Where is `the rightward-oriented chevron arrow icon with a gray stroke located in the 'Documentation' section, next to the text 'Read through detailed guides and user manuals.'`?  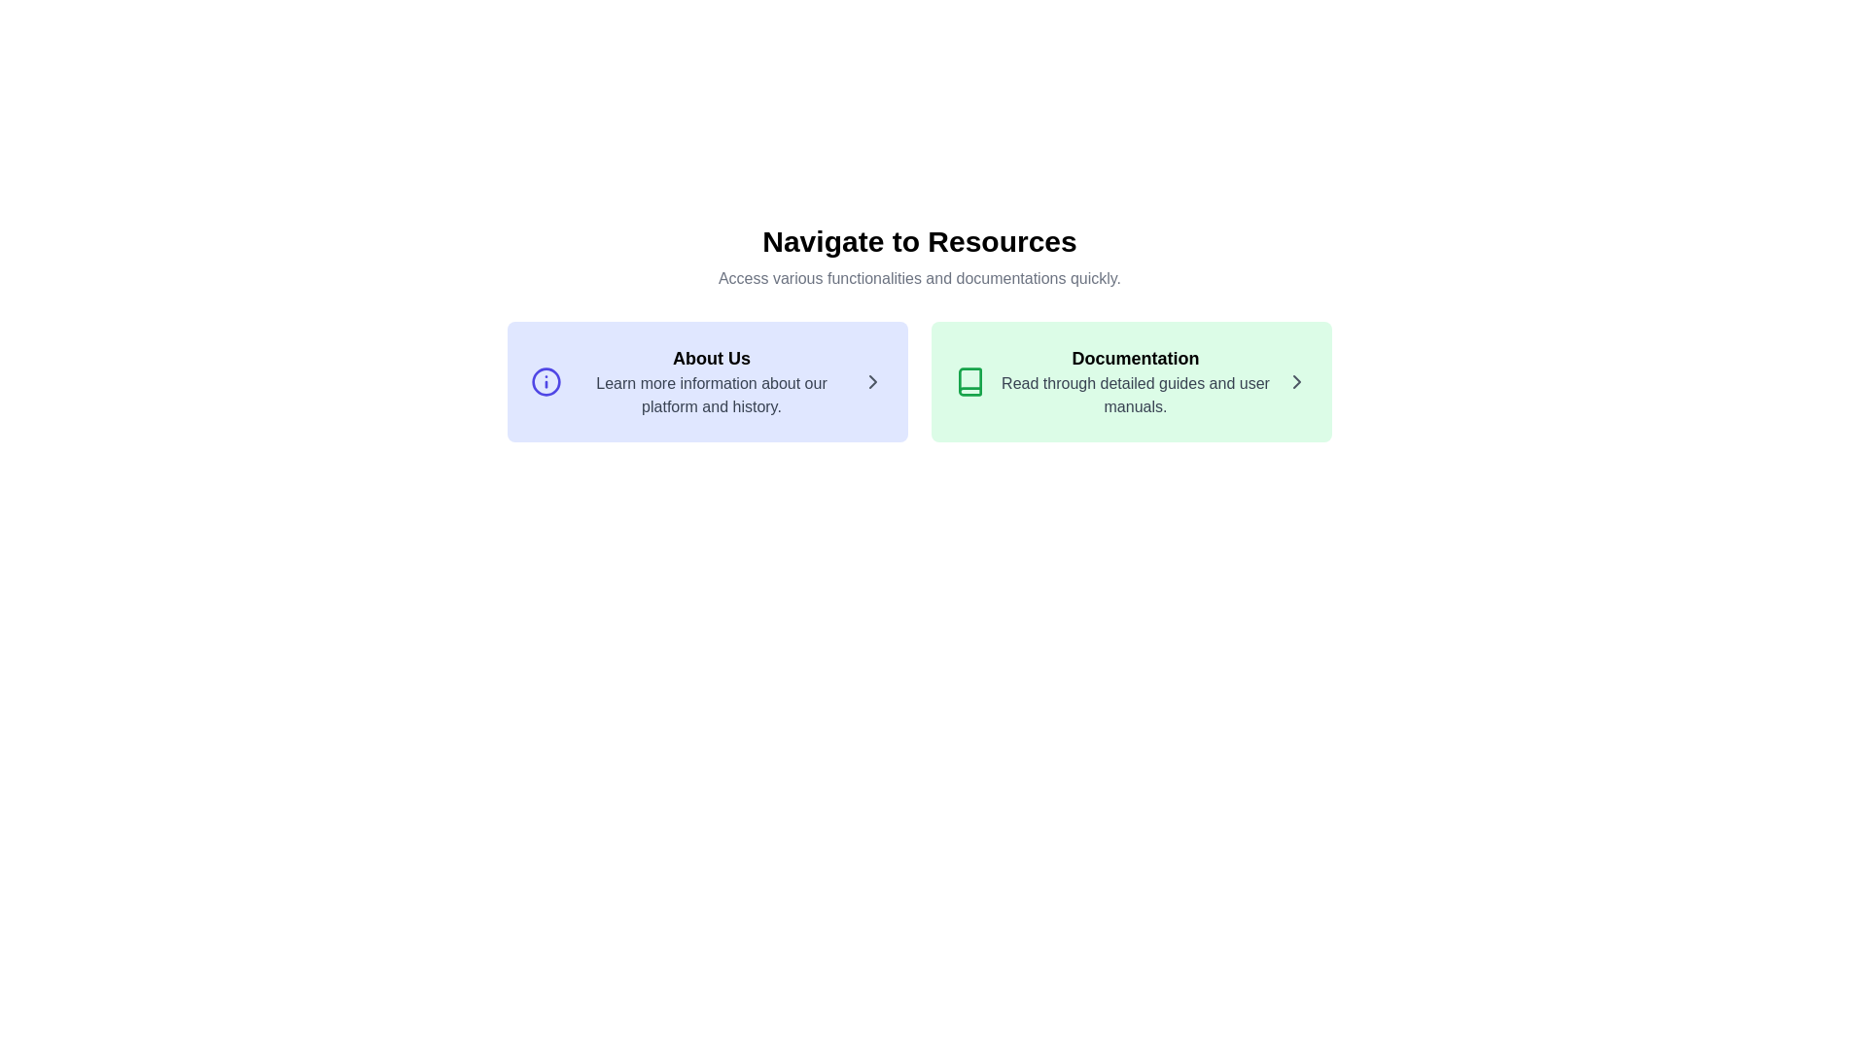 the rightward-oriented chevron arrow icon with a gray stroke located in the 'Documentation' section, next to the text 'Read through detailed guides and user manuals.' is located at coordinates (1297, 382).